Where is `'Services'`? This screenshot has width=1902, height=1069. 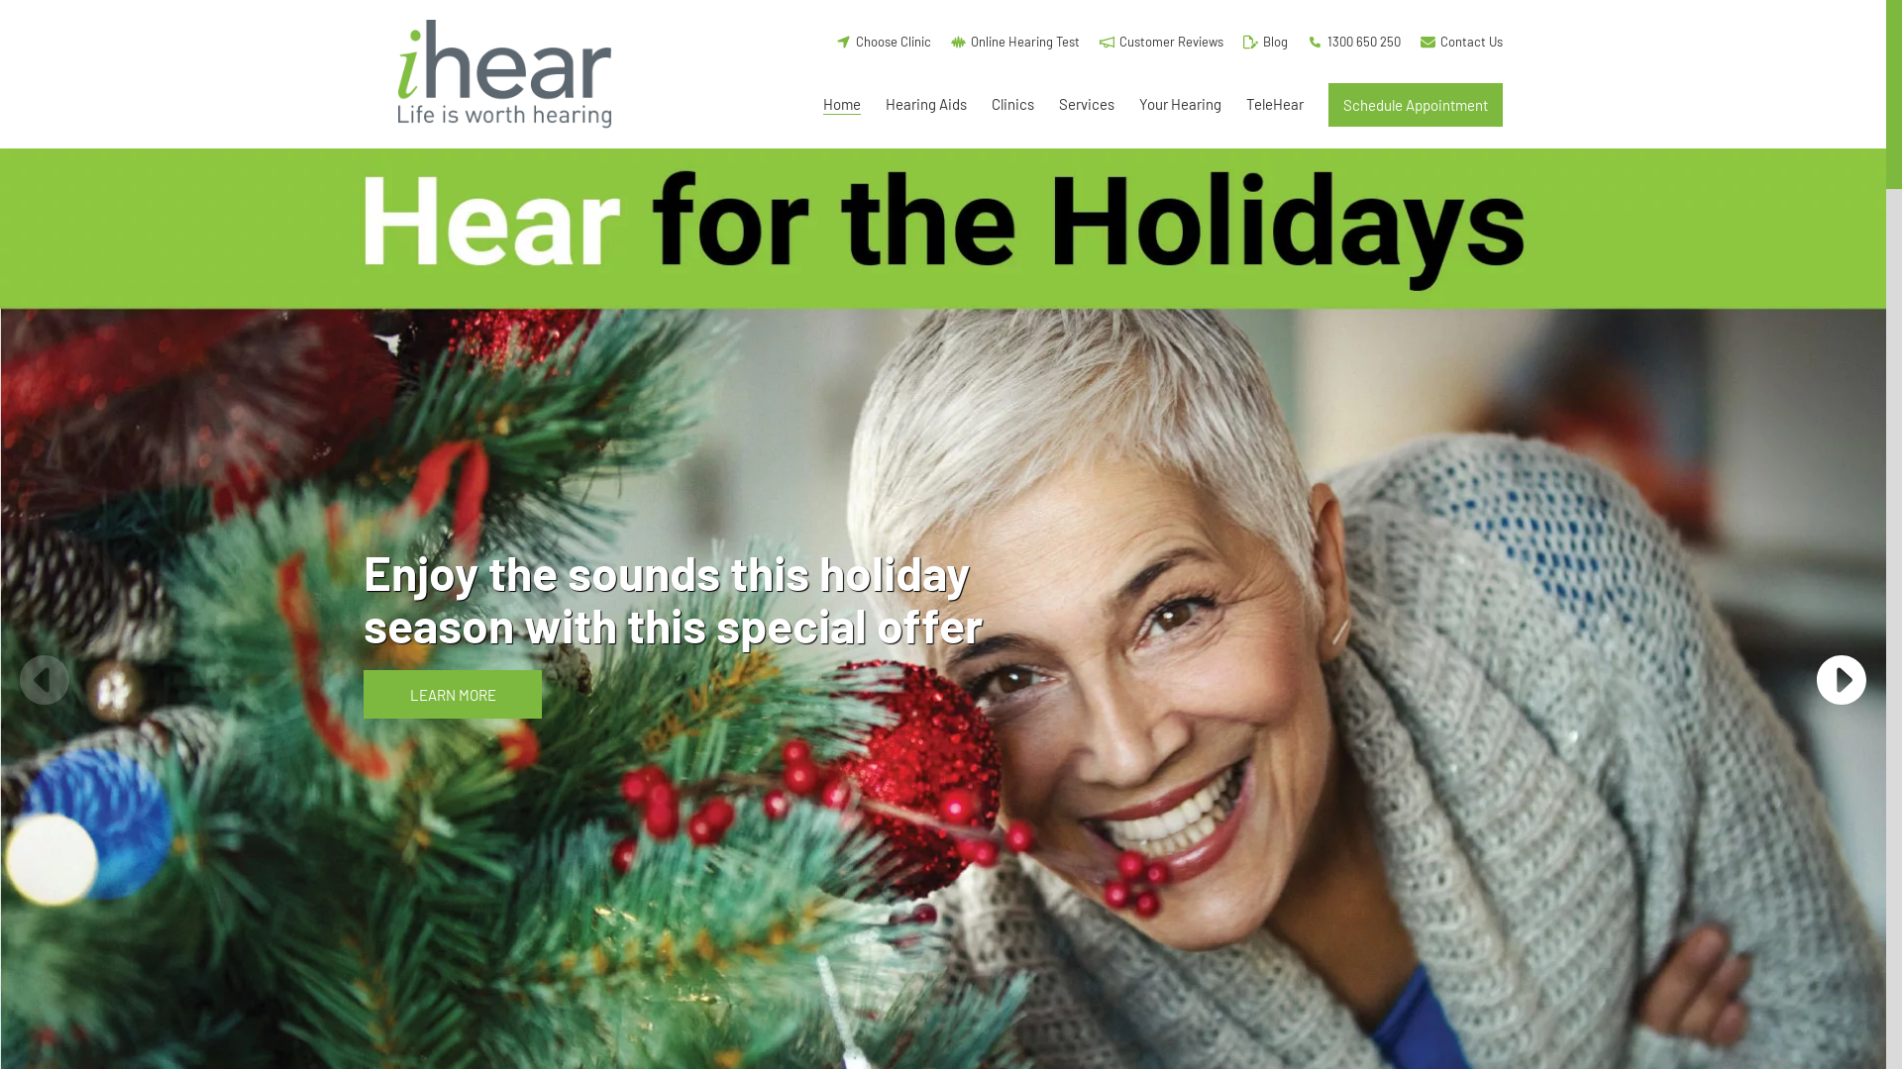
'Services' is located at coordinates (1086, 104).